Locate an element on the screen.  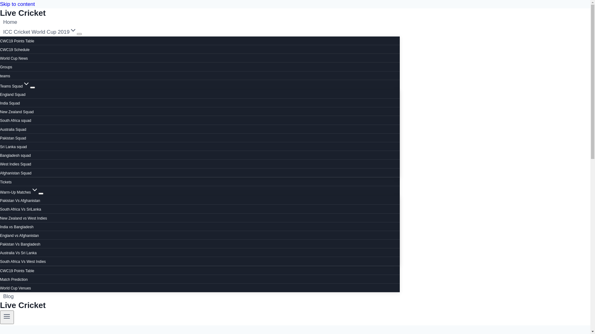
'Australia Squad' is located at coordinates (13, 129).